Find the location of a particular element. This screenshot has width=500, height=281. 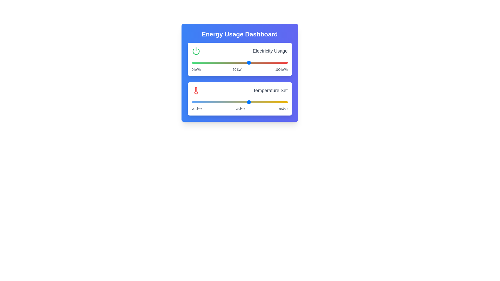

the background of the Energy Usage Dashboard component is located at coordinates (239, 73).